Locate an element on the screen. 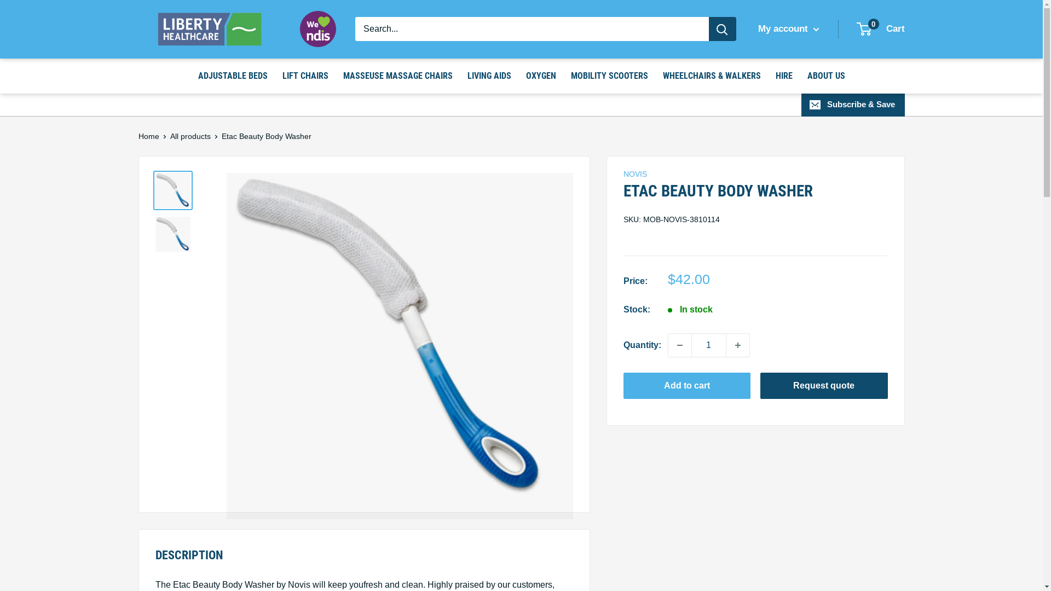  'All products' is located at coordinates (189, 136).